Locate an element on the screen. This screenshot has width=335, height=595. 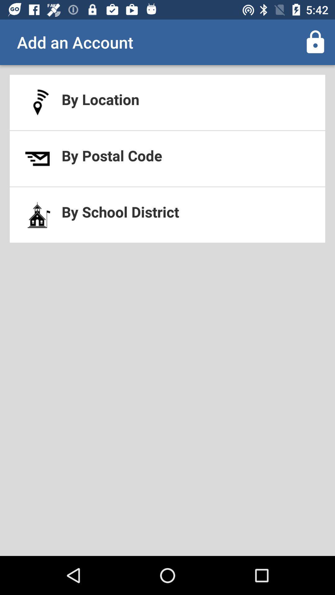
by school district at the center is located at coordinates (167, 215).